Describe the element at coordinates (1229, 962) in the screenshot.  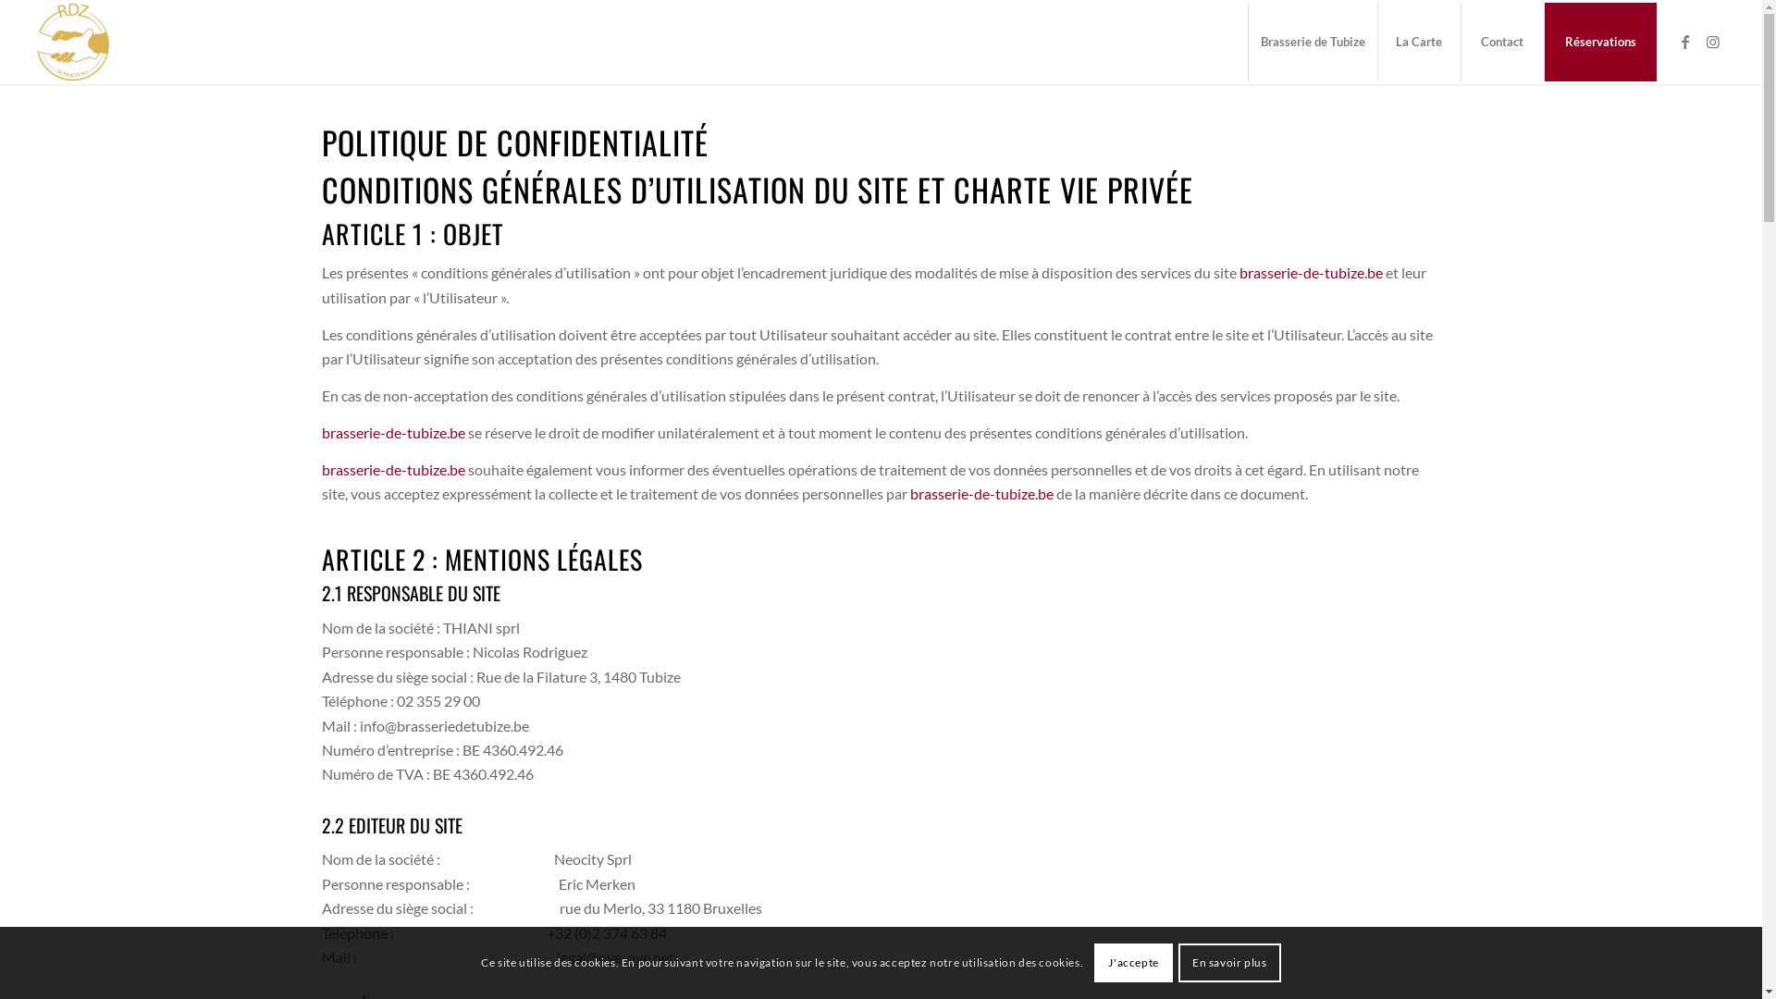
I see `'En savoir plus'` at that location.